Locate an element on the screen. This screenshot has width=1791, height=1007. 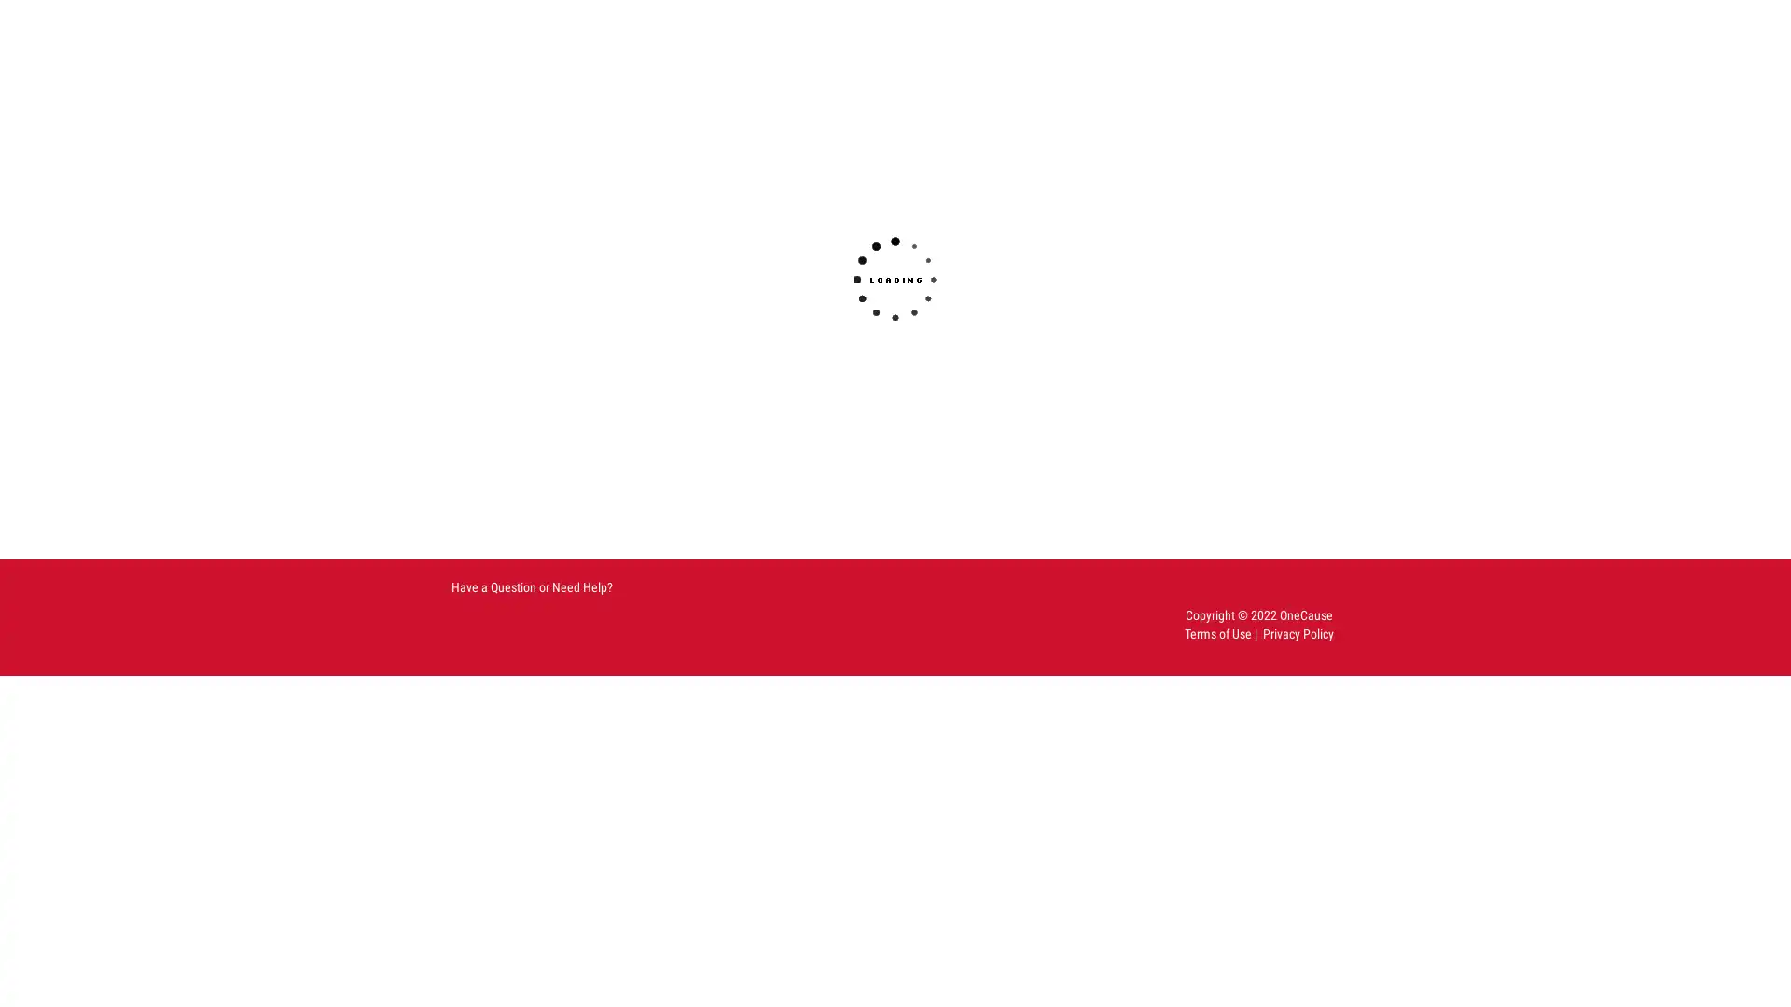
$5,000 is located at coordinates (936, 314).